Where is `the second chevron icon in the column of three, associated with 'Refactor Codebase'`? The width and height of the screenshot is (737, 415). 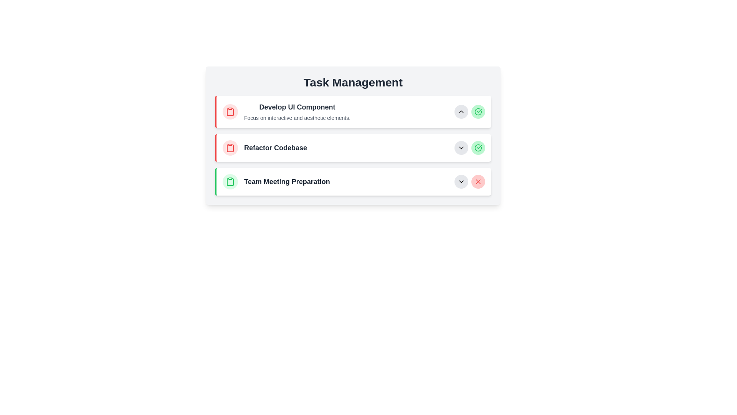 the second chevron icon in the column of three, associated with 'Refactor Codebase' is located at coordinates (461, 148).